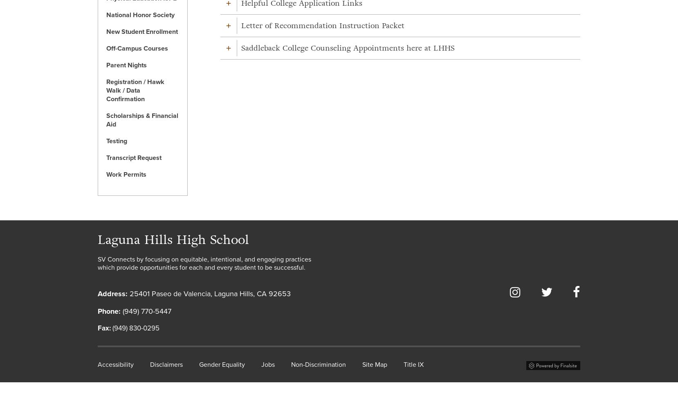 This screenshot has width=678, height=408. Describe the element at coordinates (323, 25) in the screenshot. I see `'Letter of Recommendation Instruction Packet'` at that location.